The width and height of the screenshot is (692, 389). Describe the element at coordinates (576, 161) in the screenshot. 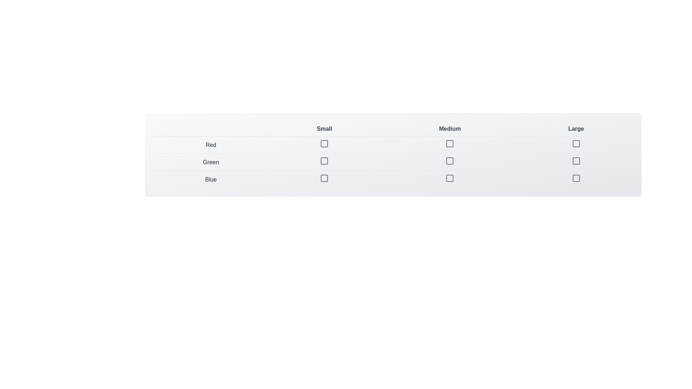

I see `the empty checkbox with a gray outline and rounded corners located` at that location.